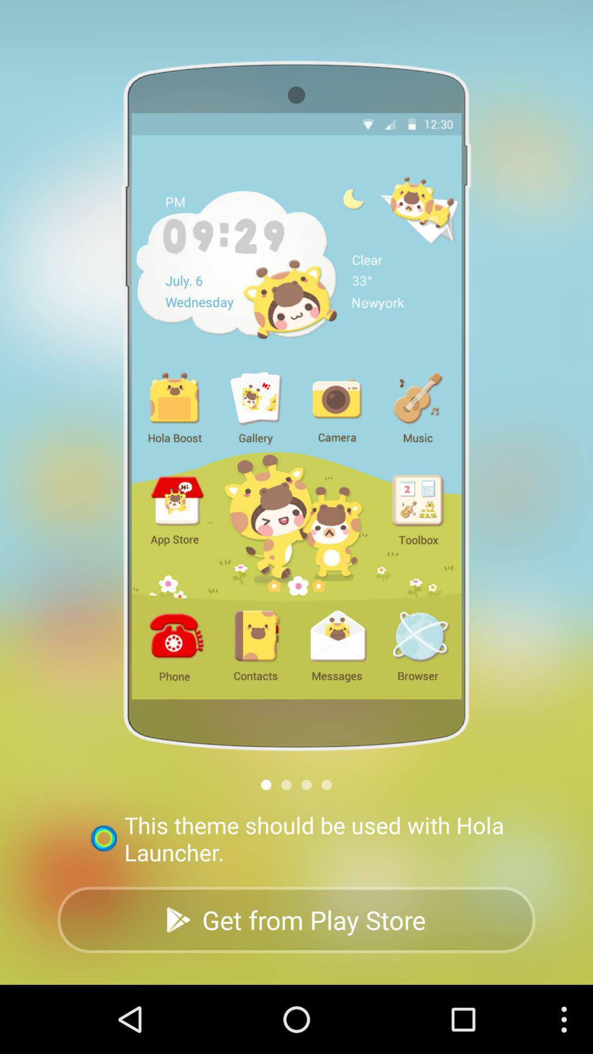 This screenshot has height=1054, width=593. I want to click on next page, so click(286, 784).